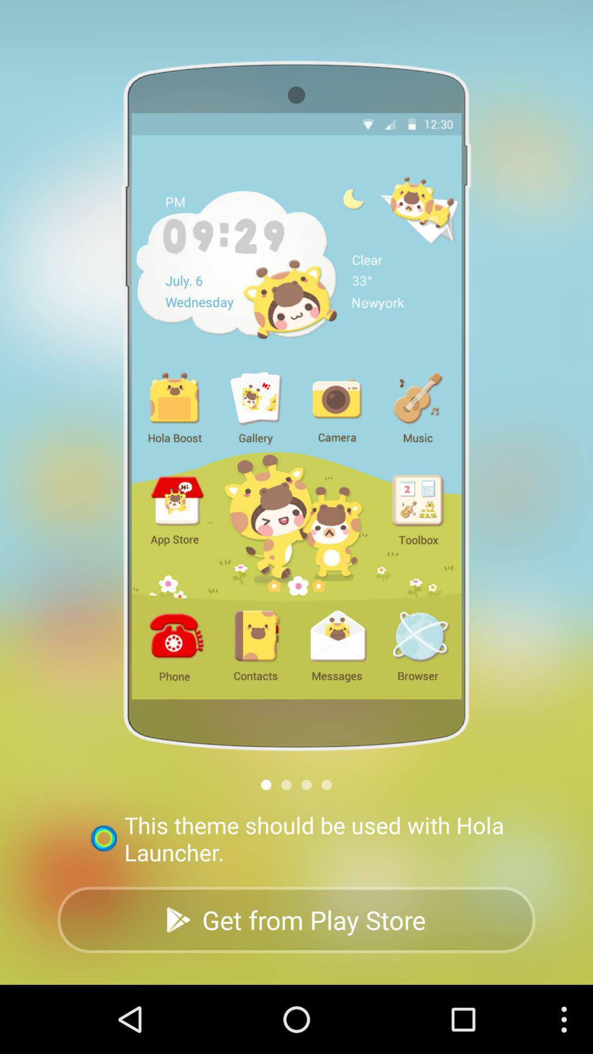 This screenshot has height=1054, width=593. I want to click on next page, so click(286, 784).